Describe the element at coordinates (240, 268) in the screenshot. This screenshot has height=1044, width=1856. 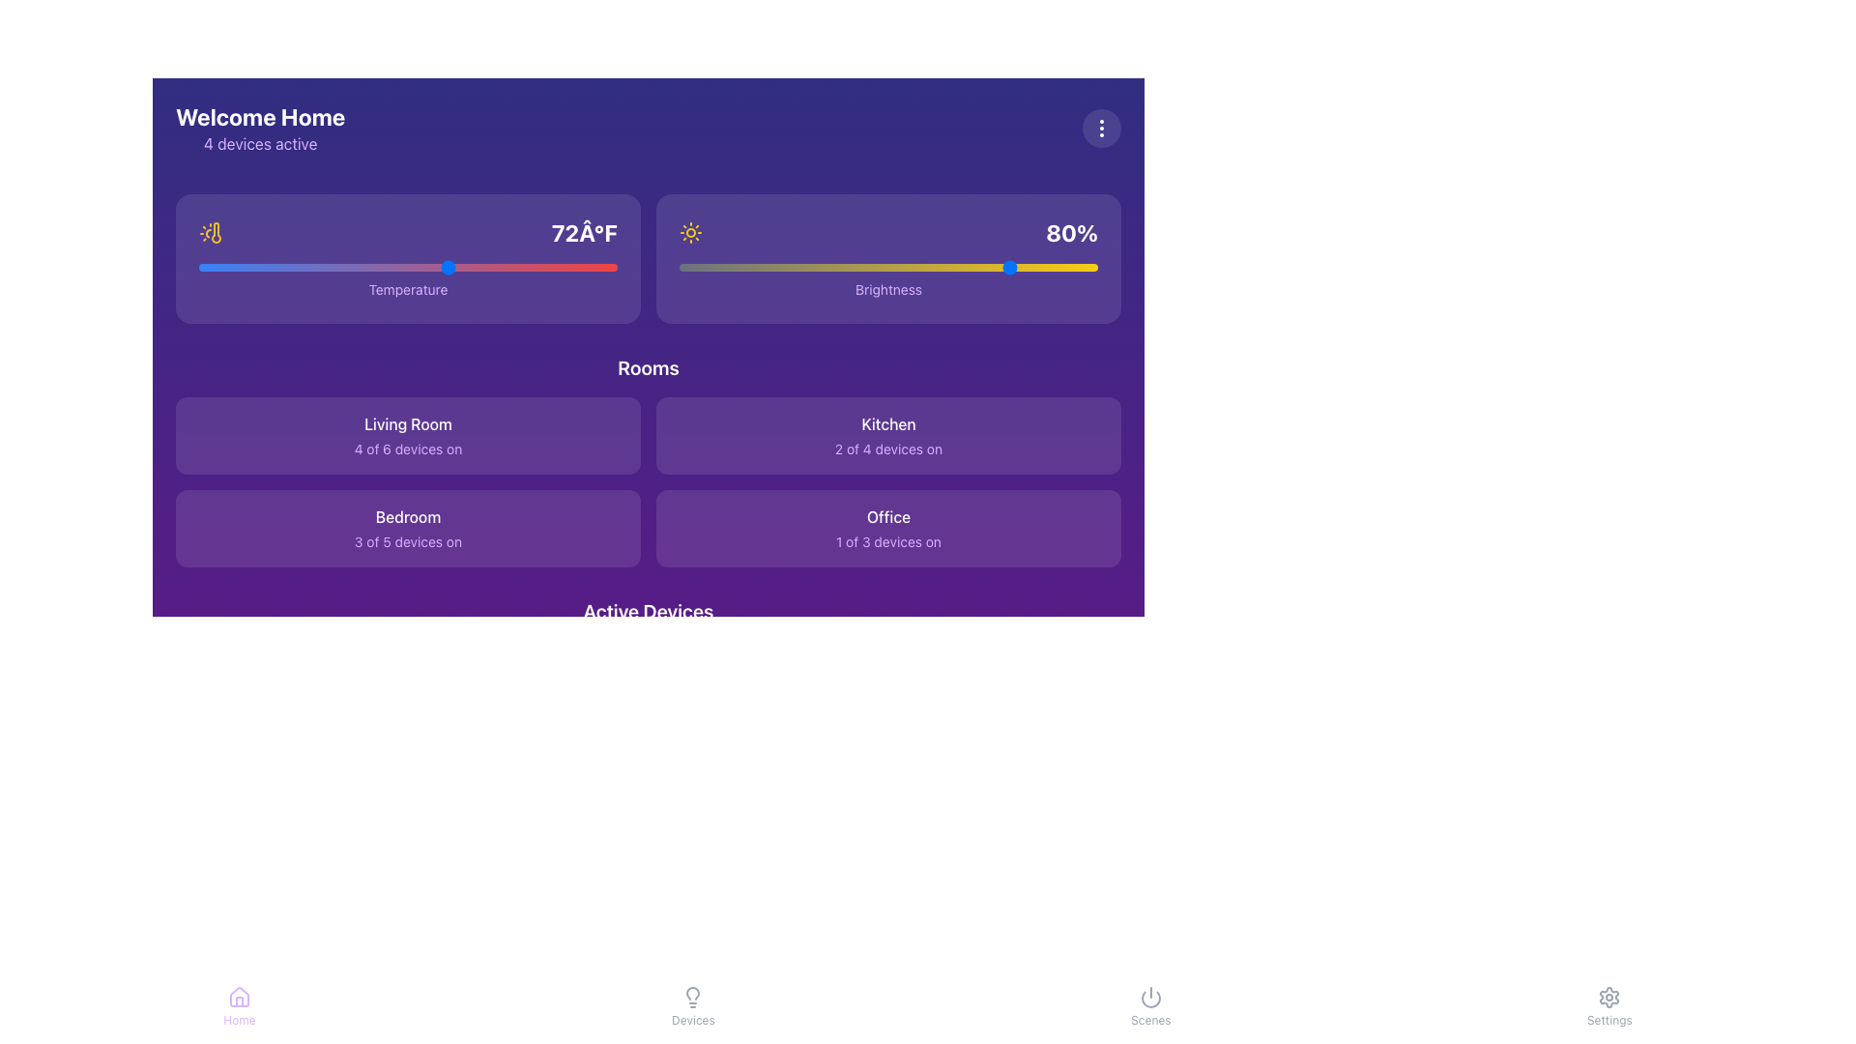
I see `the value of the slider` at that location.